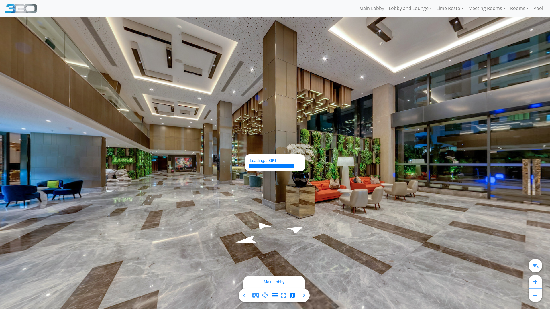 Image resolution: width=550 pixels, height=309 pixels. I want to click on 'Main Lobby', so click(357, 8).